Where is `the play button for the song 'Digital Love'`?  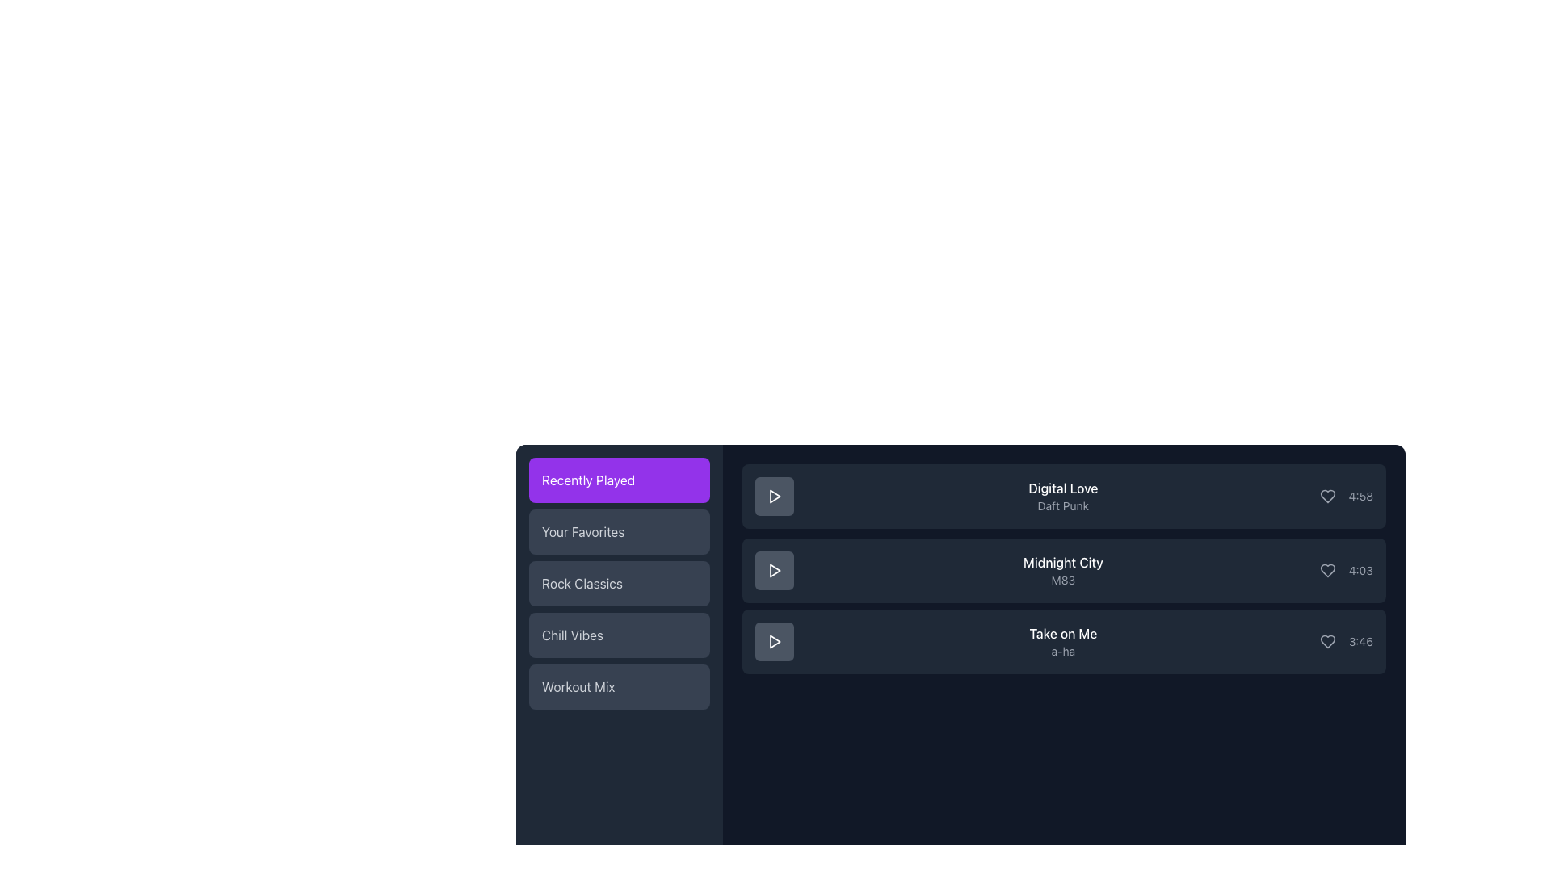 the play button for the song 'Digital Love' is located at coordinates (774, 495).